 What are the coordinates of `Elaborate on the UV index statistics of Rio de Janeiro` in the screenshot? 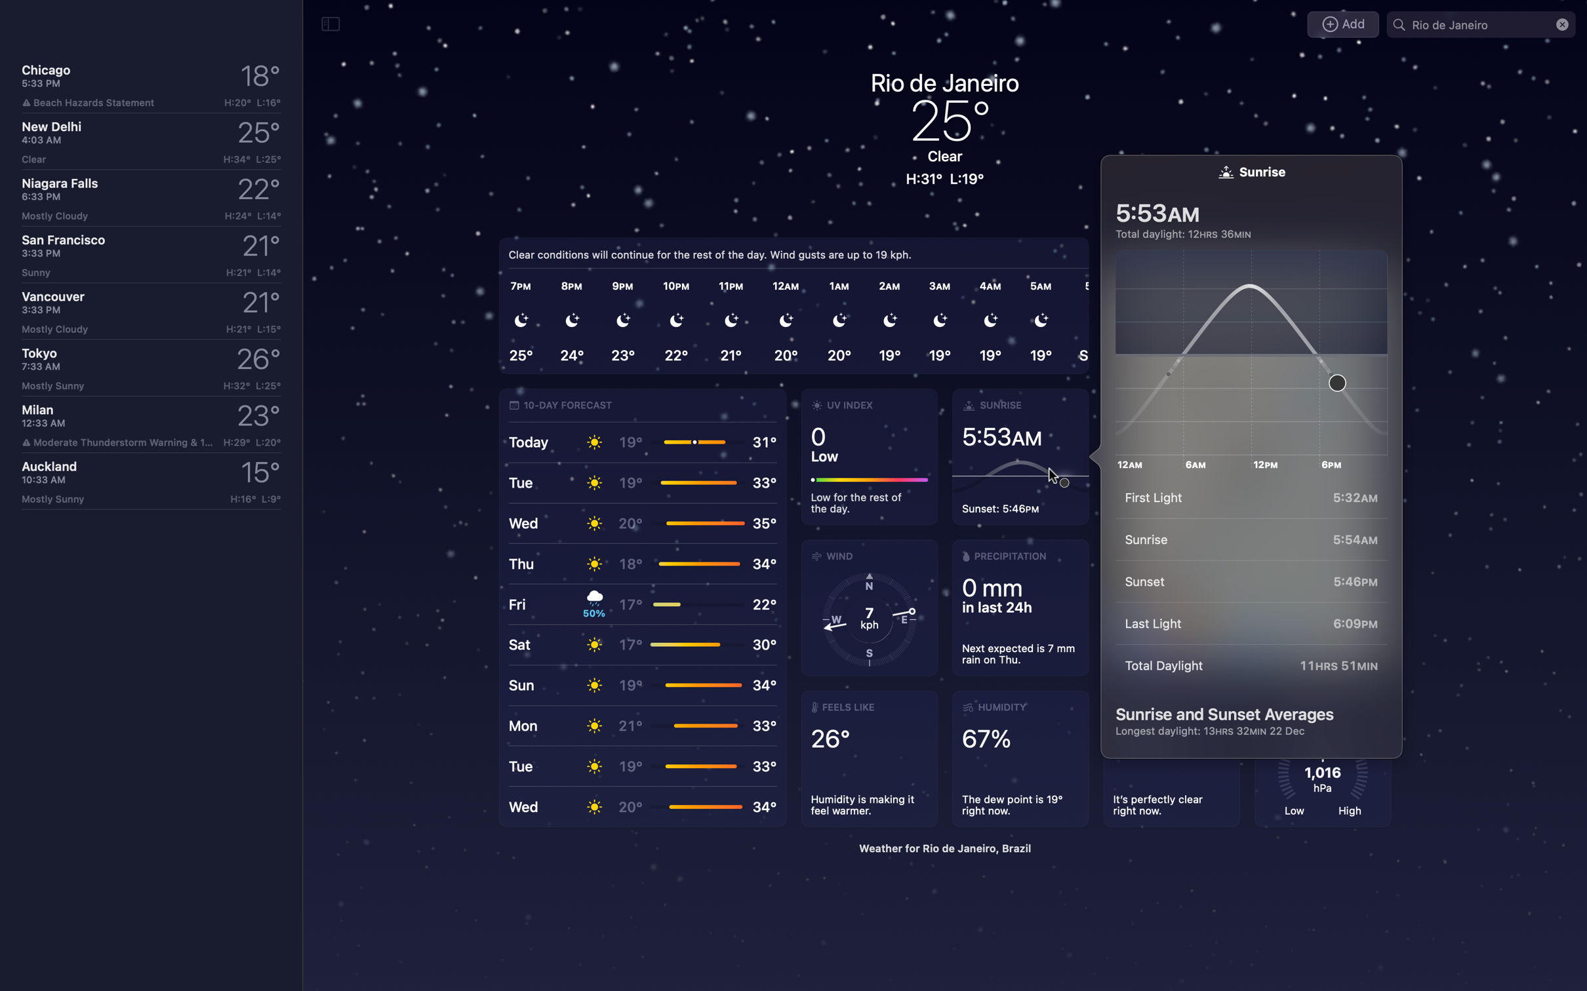 It's located at (869, 458).